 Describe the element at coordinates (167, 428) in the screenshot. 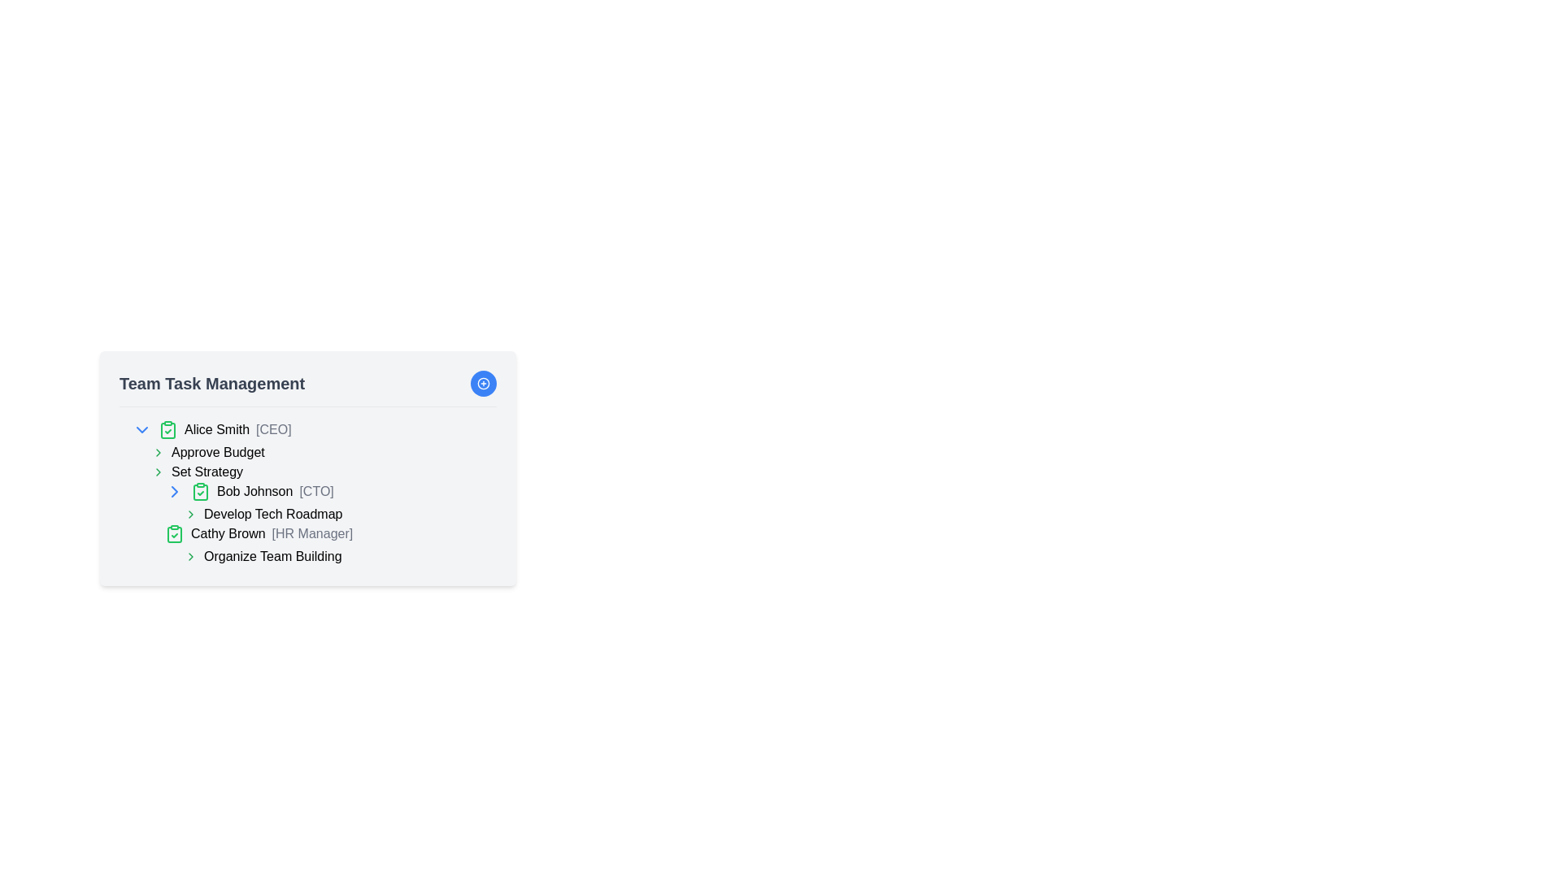

I see `the green clipboard icon with a checkmark next to 'Alice Smith [CEO]' in the top-left corner of the list interface` at that location.